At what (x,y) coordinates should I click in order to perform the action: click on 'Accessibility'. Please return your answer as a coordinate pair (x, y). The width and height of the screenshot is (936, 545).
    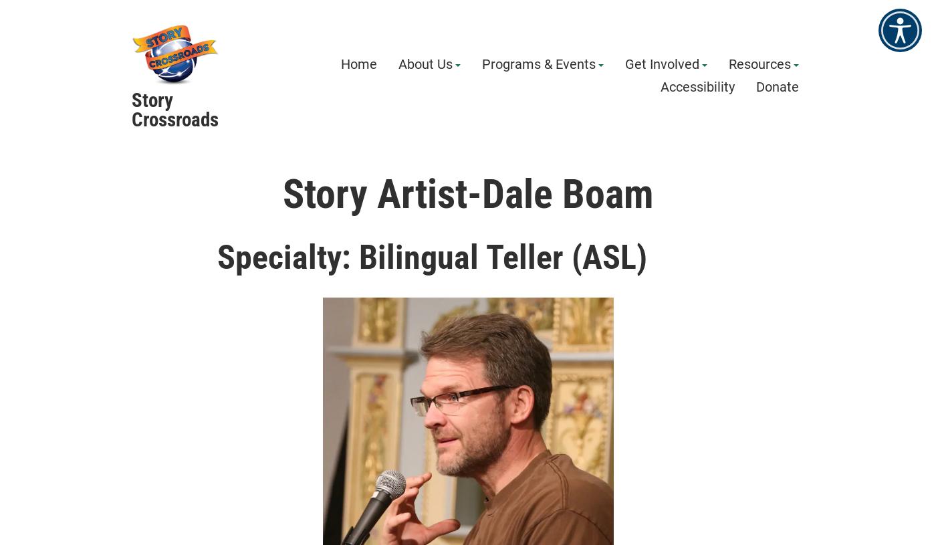
    Looking at the image, I should click on (697, 86).